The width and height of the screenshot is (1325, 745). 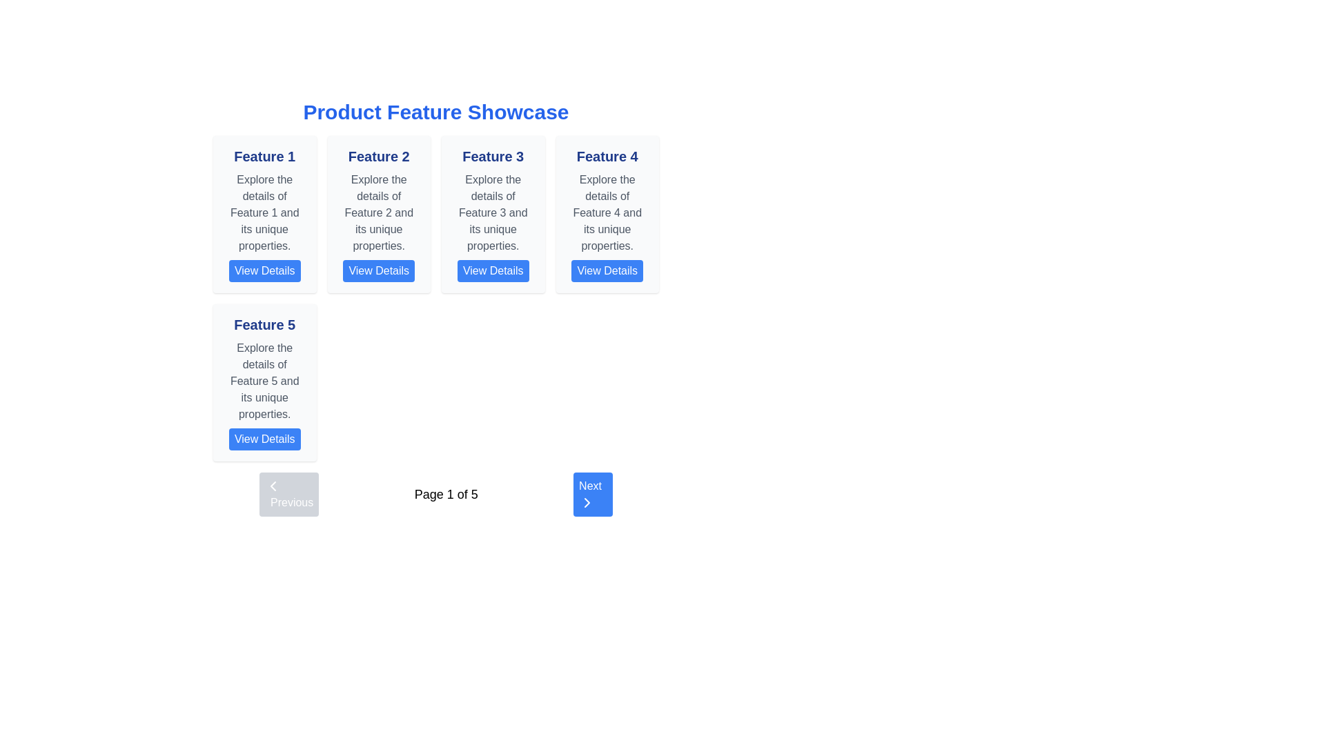 I want to click on the Text Label located in the lower-left card of the grid layout, which serves as the title for the corresponding feature, so click(x=264, y=324).